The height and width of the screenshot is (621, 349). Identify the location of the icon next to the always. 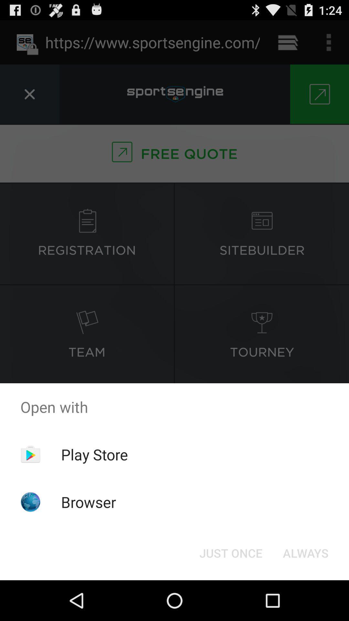
(230, 552).